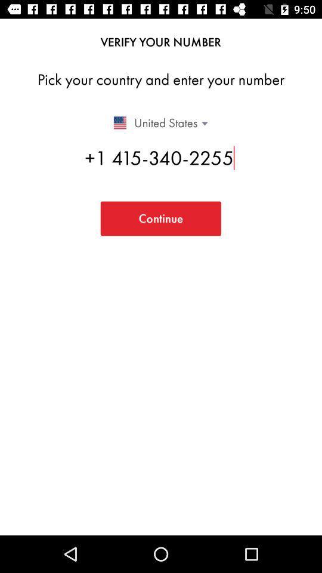 Image resolution: width=322 pixels, height=573 pixels. Describe the element at coordinates (161, 157) in the screenshot. I see `item above the continue` at that location.